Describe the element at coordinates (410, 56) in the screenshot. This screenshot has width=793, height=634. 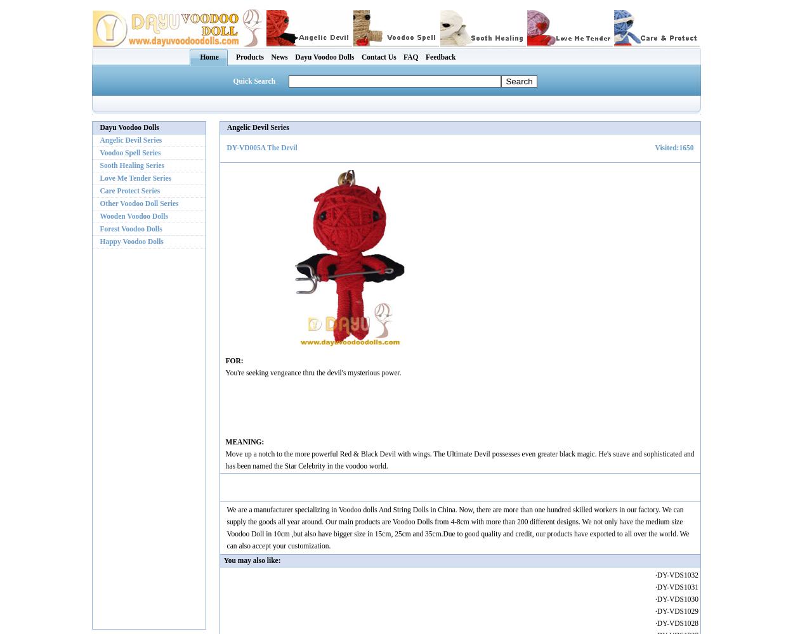
I see `'FAQ'` at that location.